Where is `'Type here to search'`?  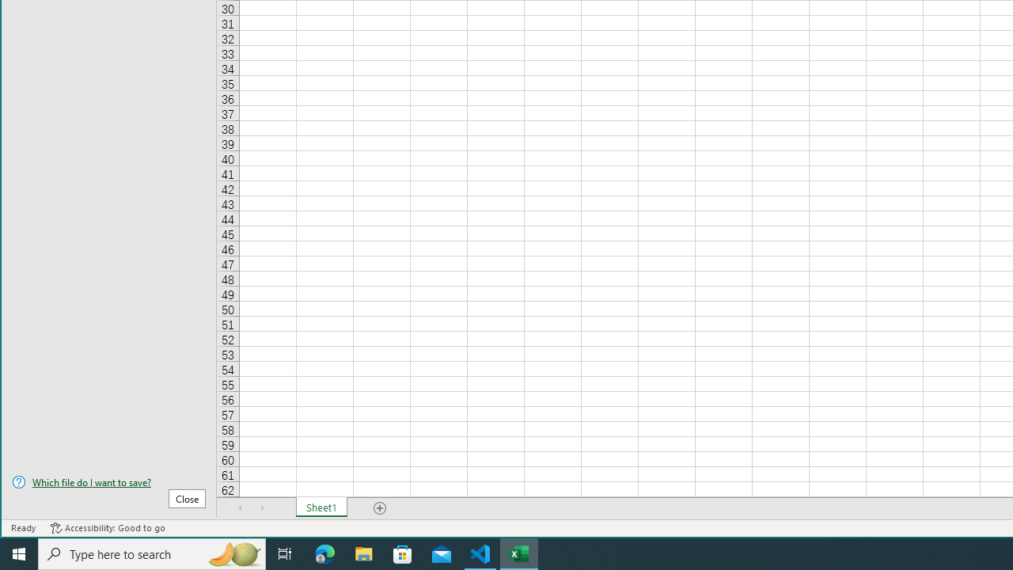
'Type here to search' is located at coordinates (152, 553).